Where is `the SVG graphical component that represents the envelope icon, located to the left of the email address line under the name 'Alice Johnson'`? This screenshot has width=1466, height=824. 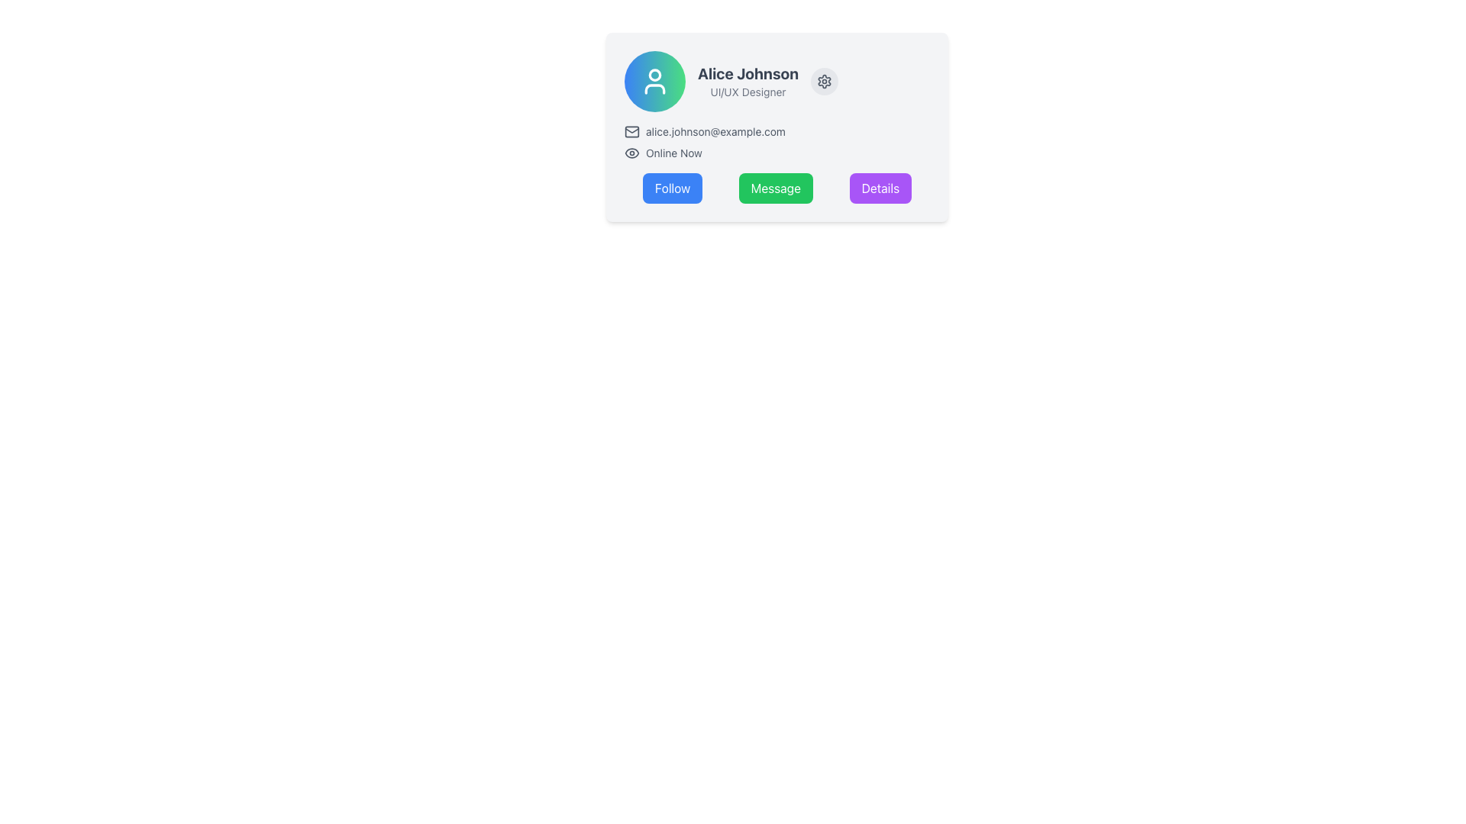
the SVG graphical component that represents the envelope icon, located to the left of the email address line under the name 'Alice Johnson' is located at coordinates (632, 131).